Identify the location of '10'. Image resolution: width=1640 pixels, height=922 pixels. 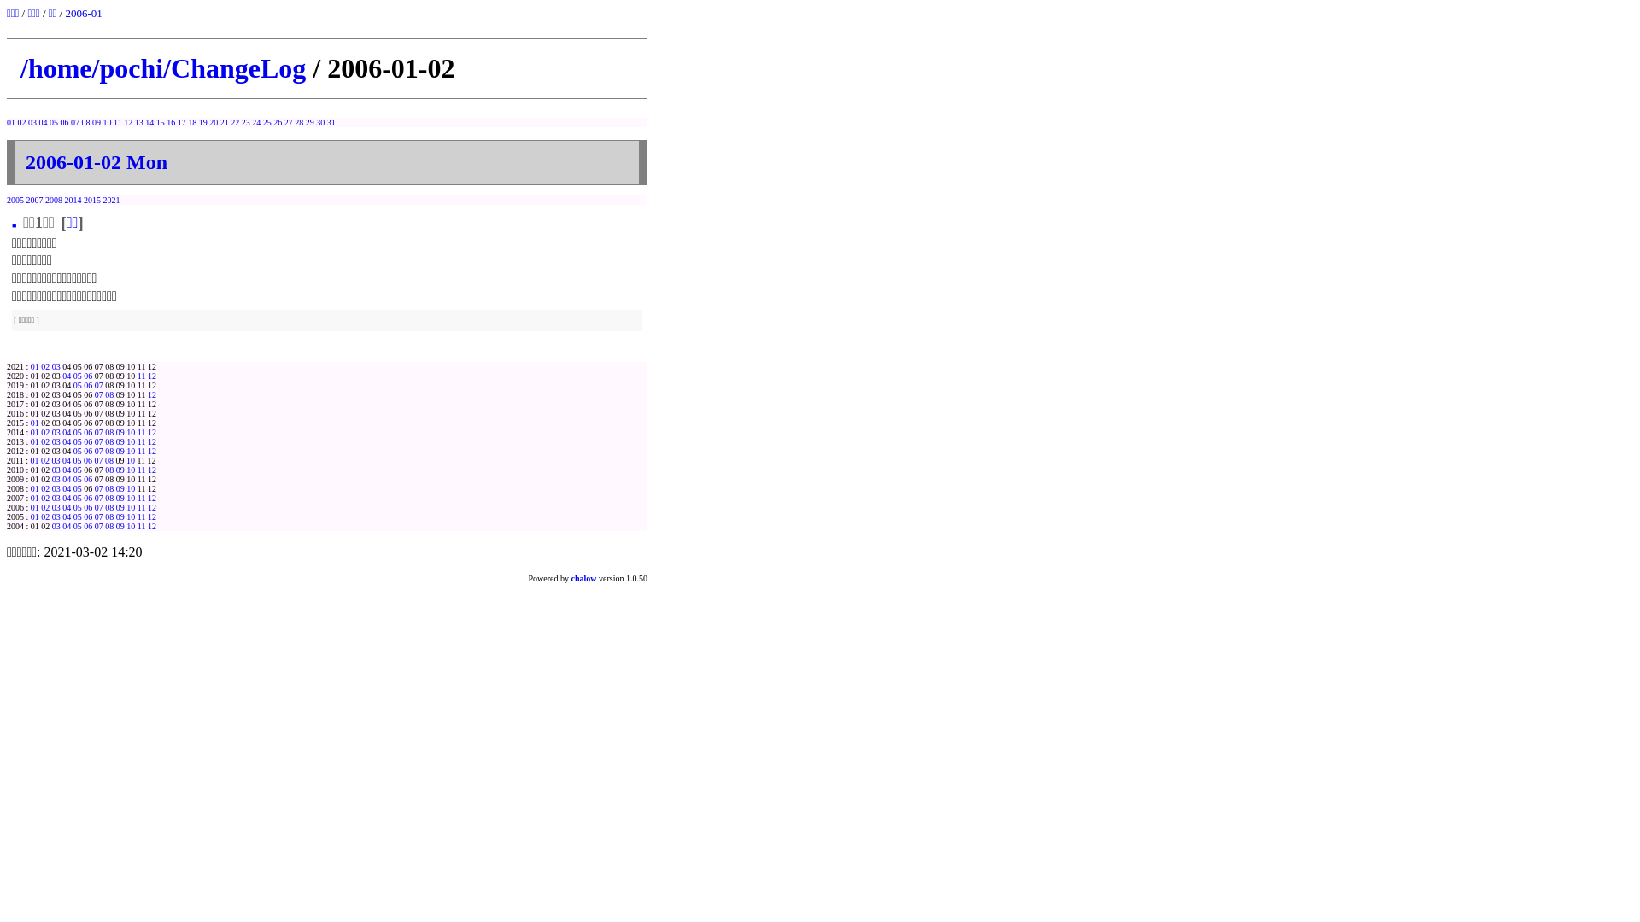
(130, 525).